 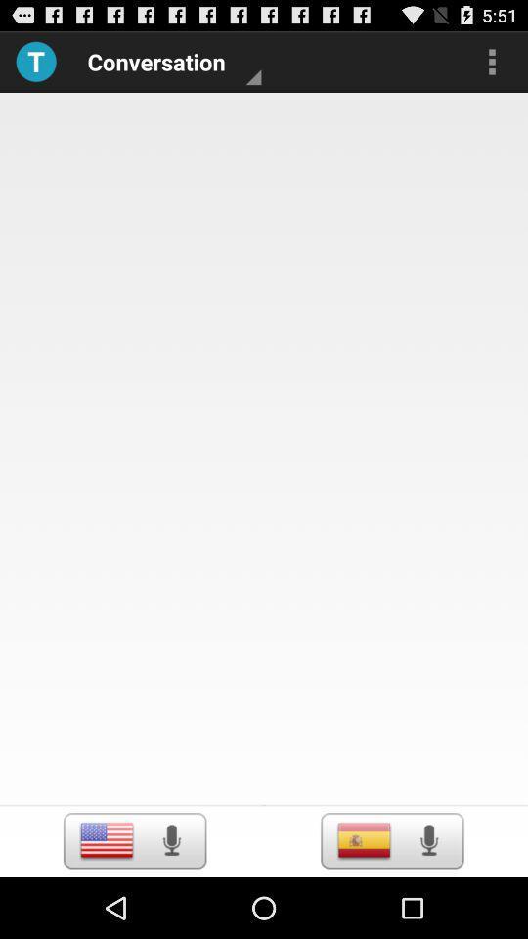 I want to click on record english audio, so click(x=171, y=839).